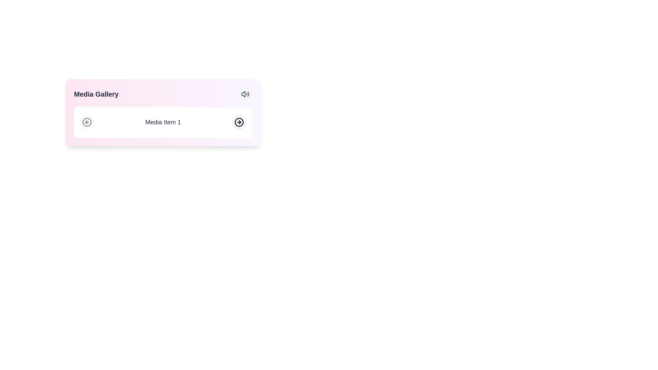  I want to click on the leftward-pointing arrow within the circular icon located at the leftmost position of the media gallery, so click(86, 122).